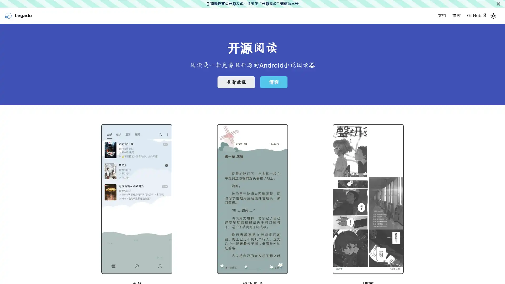  I want to click on Switch between dark and light mode (currently light mode), so click(493, 16).